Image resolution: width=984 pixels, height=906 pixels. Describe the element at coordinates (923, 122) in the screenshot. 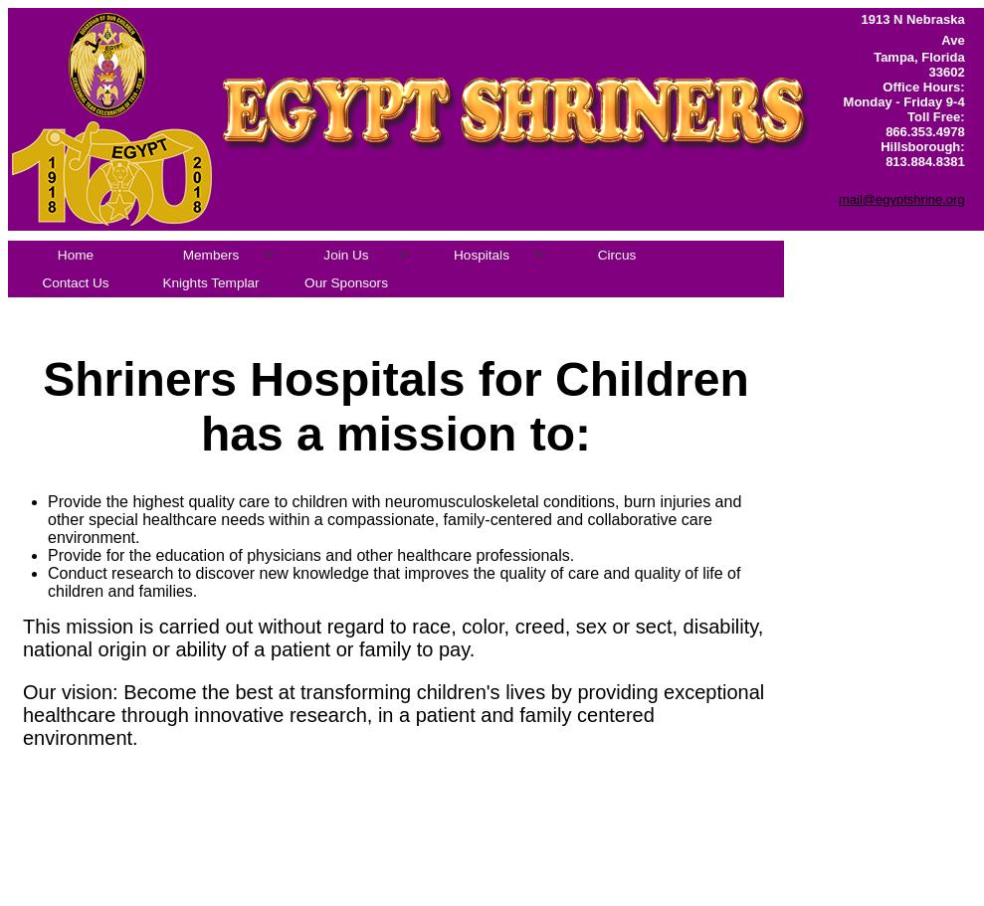

I see `'Toll Free: 866.353.4978'` at that location.